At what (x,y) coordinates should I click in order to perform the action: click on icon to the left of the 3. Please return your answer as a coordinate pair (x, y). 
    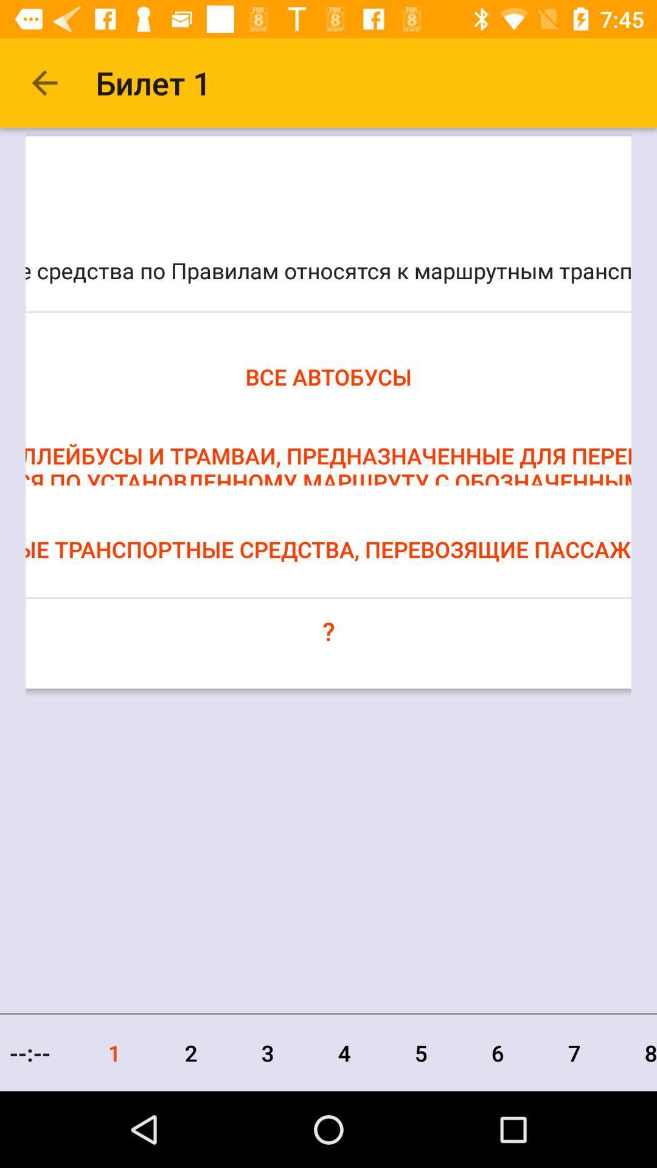
    Looking at the image, I should click on (191, 1052).